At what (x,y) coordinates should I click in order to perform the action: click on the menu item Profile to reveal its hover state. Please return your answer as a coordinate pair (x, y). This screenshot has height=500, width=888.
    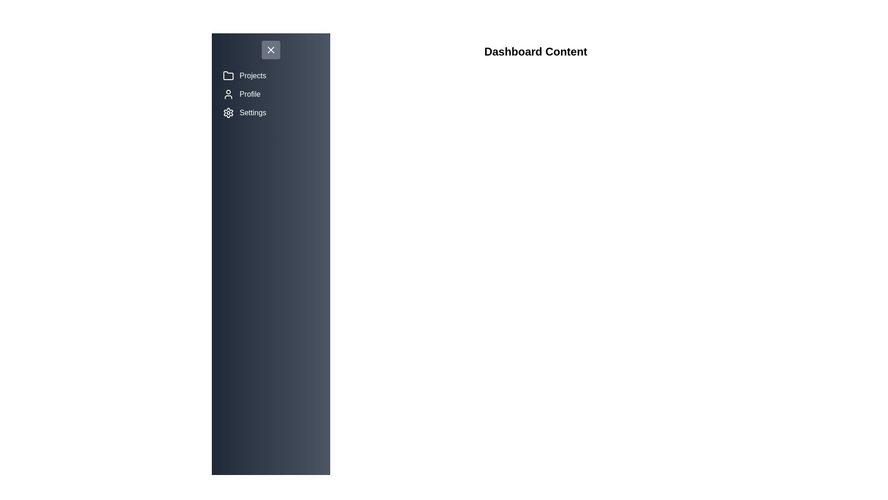
    Looking at the image, I should click on (270, 94).